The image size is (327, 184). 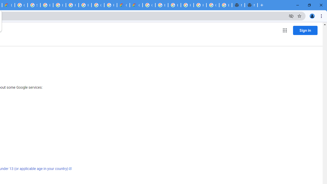 What do you see at coordinates (98, 5) in the screenshot?
I see `'Google Cloud Platform'` at bounding box center [98, 5].